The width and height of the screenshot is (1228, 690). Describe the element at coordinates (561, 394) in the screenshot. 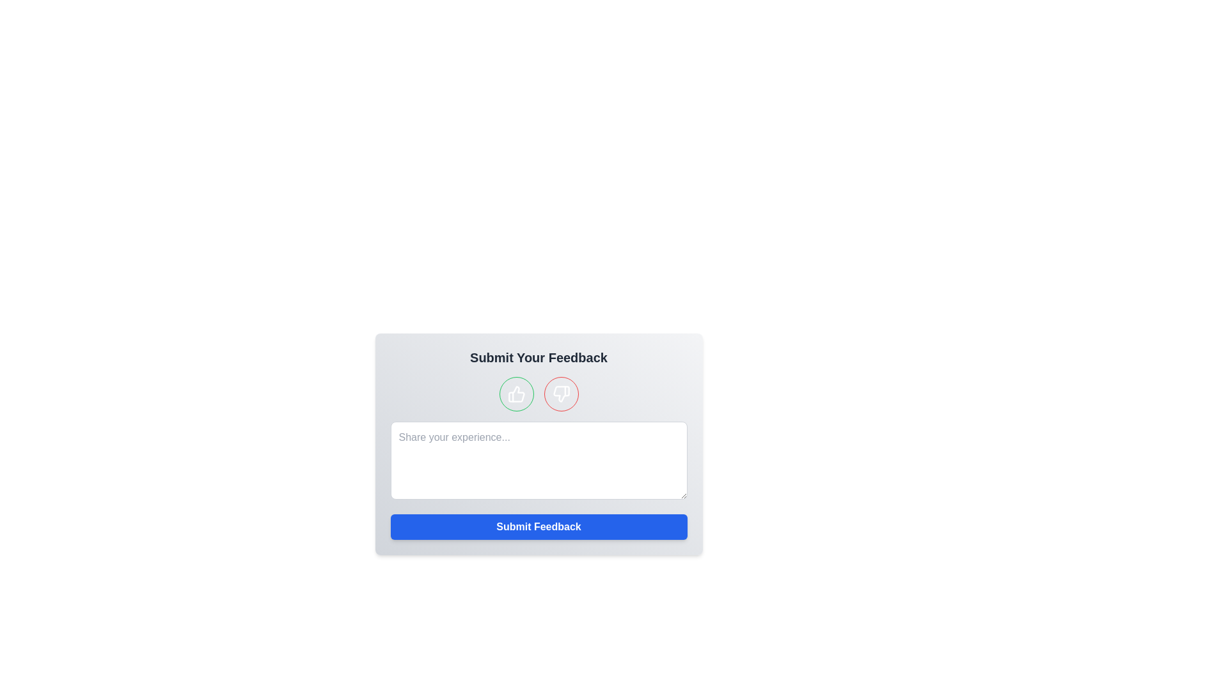

I see `the circular button with a red border and a white thumbs-down icon to provide negative feedback` at that location.